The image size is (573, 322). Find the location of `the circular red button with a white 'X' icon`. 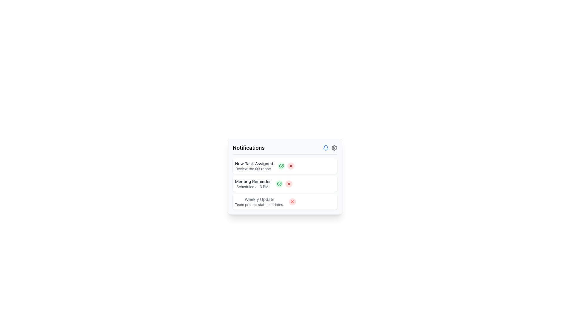

the circular red button with a white 'X' icon is located at coordinates (291, 166).